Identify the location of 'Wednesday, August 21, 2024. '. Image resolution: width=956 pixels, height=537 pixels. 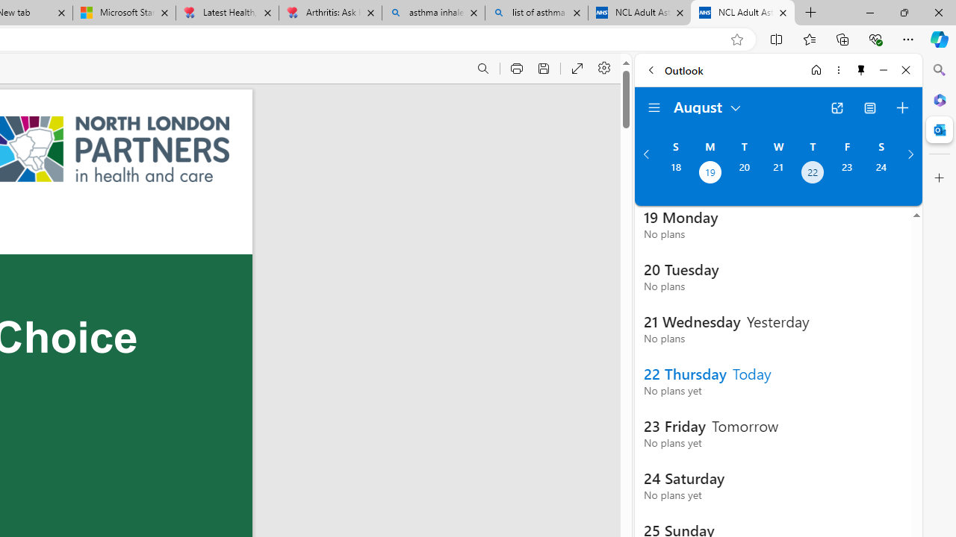
(777, 173).